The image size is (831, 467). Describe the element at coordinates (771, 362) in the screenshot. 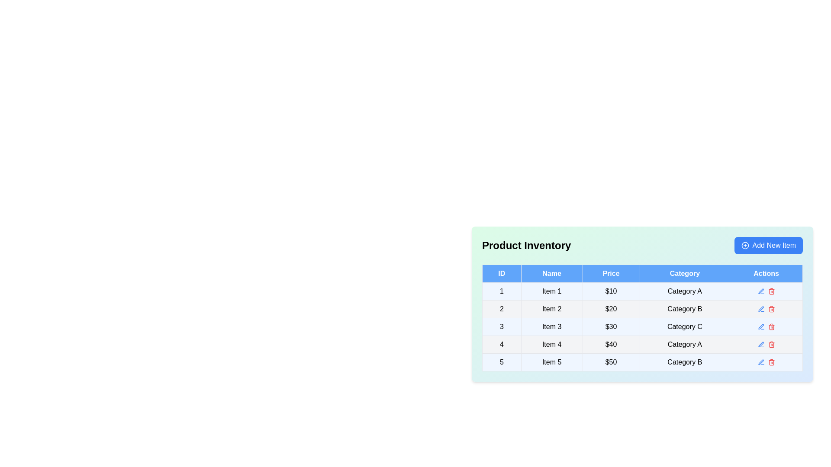

I see `the delete Icon button located in the 'Actions' column of the last row of the 'Product Inventory' table` at that location.